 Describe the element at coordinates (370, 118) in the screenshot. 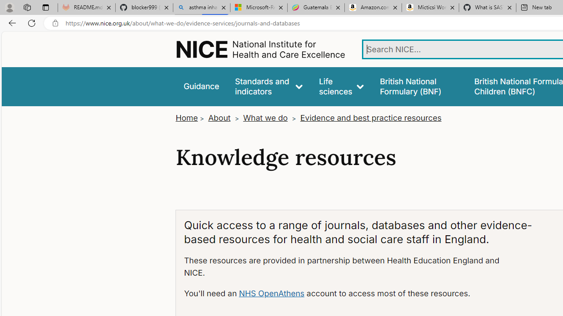

I see `'Evidence and best practice resources'` at that location.